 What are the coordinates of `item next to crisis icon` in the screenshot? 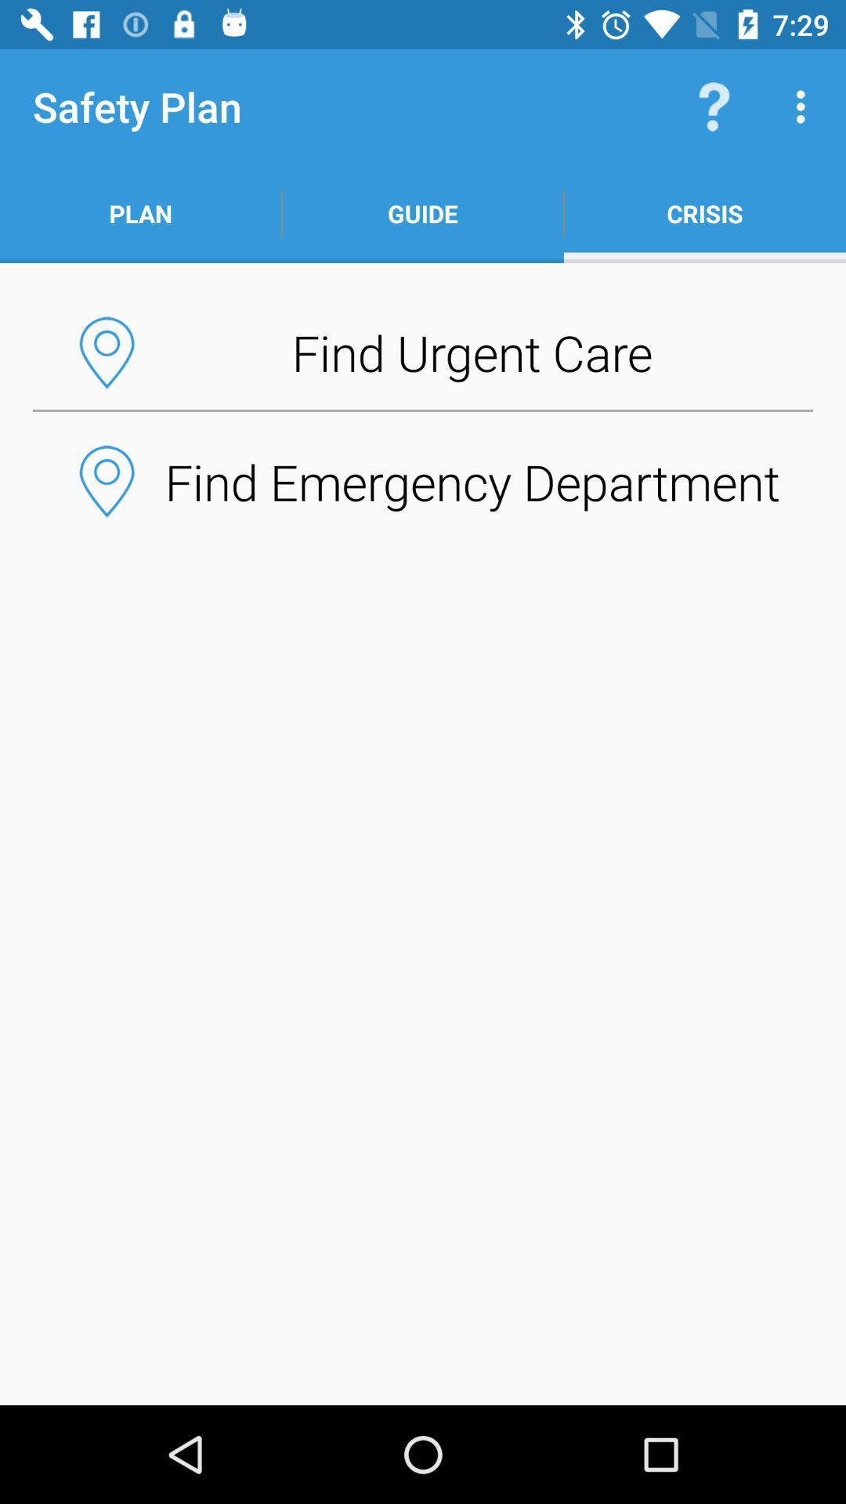 It's located at (423, 213).